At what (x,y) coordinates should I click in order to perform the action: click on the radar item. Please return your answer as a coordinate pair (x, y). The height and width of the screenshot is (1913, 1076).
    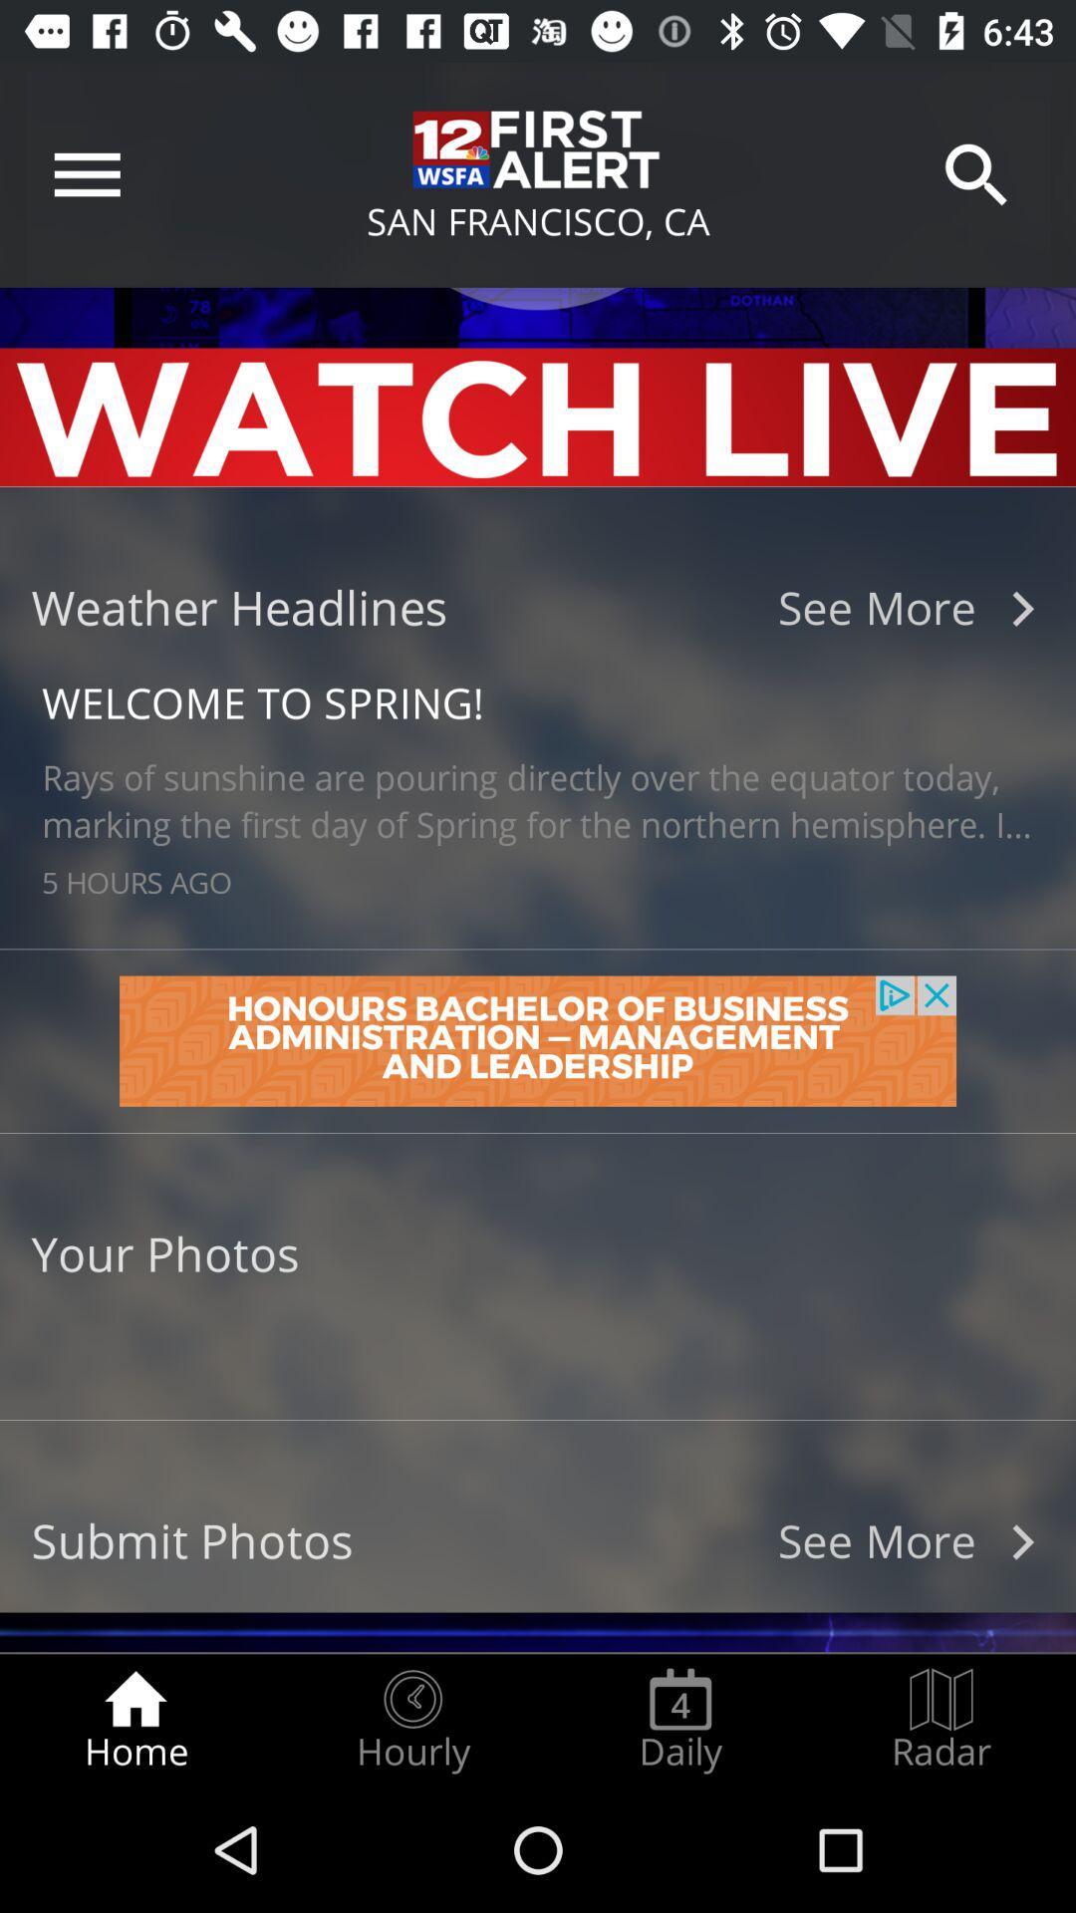
    Looking at the image, I should click on (941, 1720).